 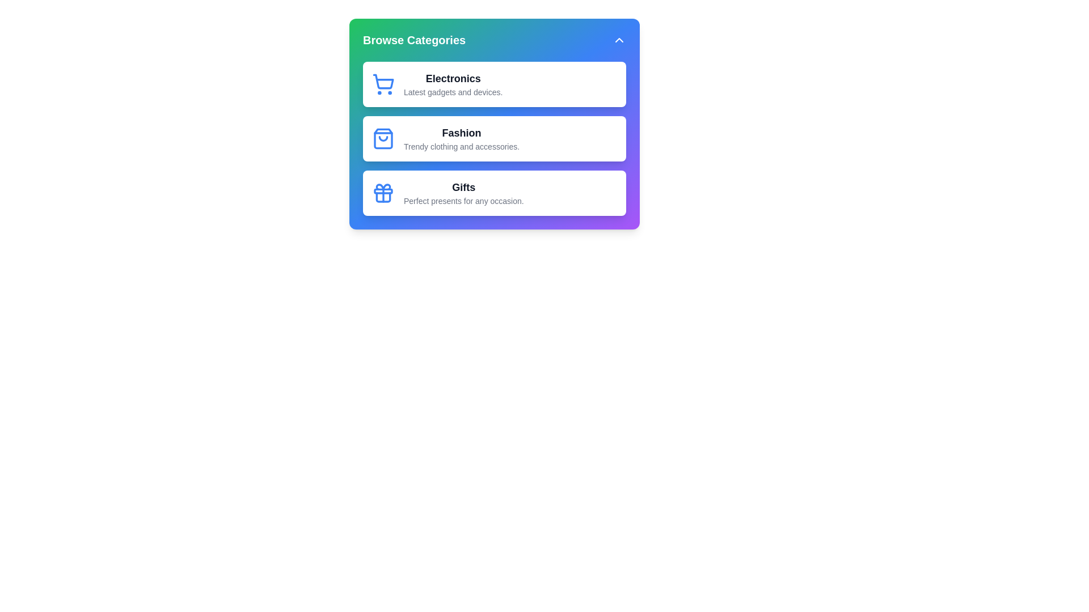 I want to click on the icon for the category Gifts, so click(x=383, y=192).